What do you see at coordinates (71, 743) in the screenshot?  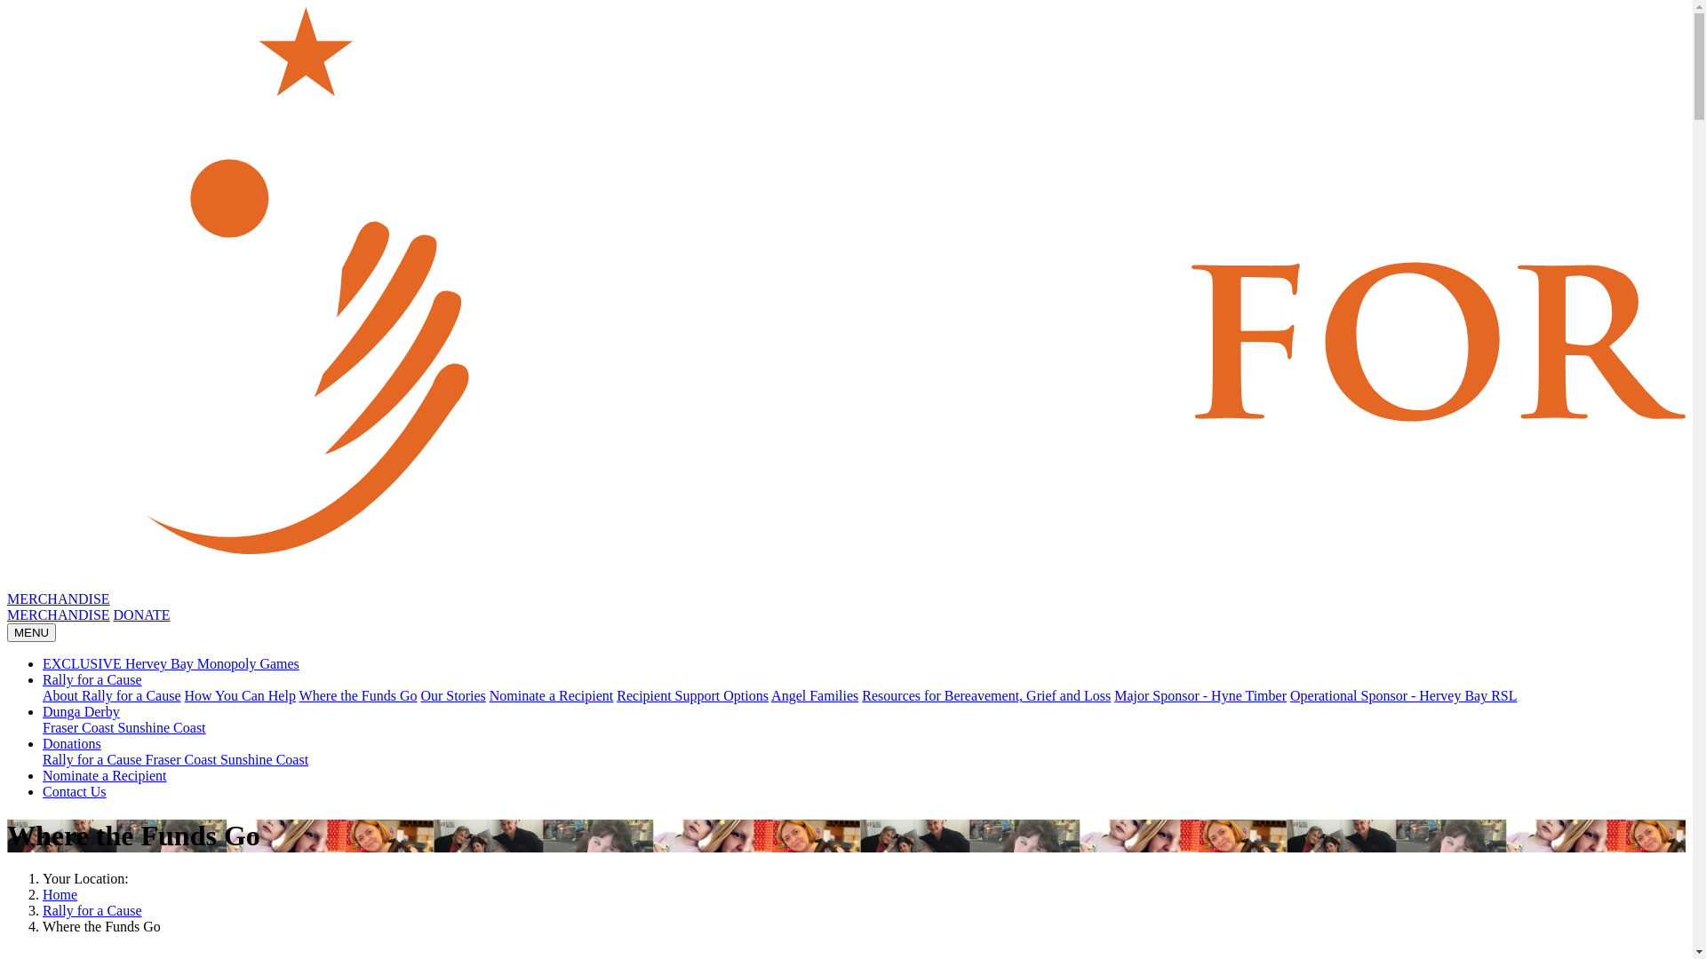 I see `'Donations'` at bounding box center [71, 743].